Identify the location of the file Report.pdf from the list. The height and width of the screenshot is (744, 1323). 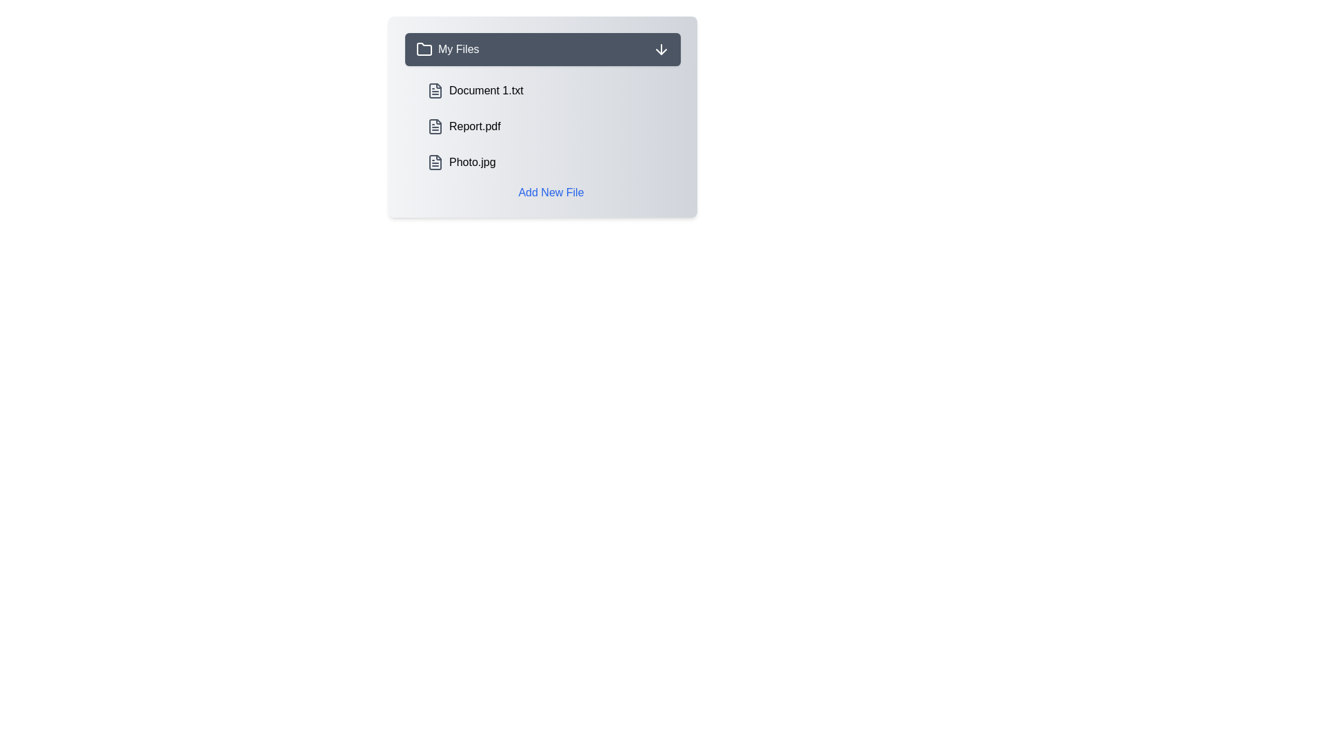
(551, 127).